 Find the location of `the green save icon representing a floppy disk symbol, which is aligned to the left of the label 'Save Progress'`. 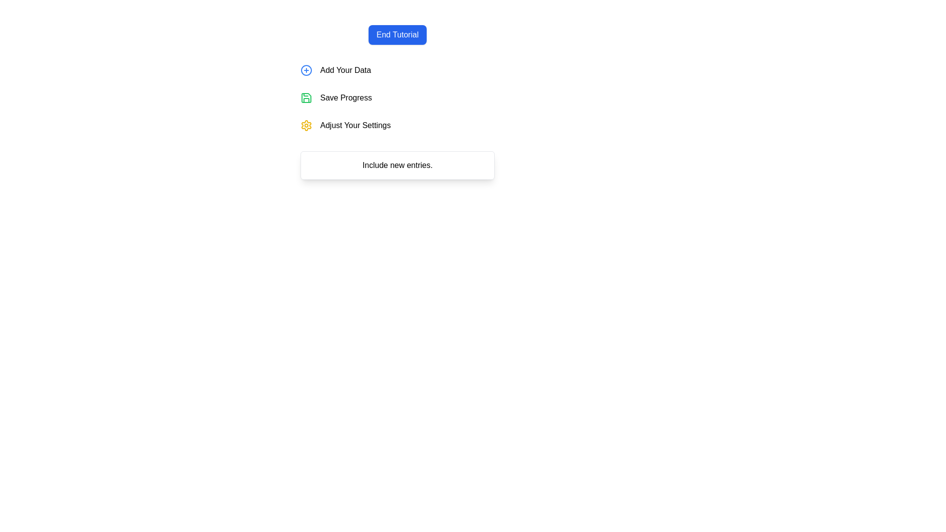

the green save icon representing a floppy disk symbol, which is aligned to the left of the label 'Save Progress' is located at coordinates (306, 98).